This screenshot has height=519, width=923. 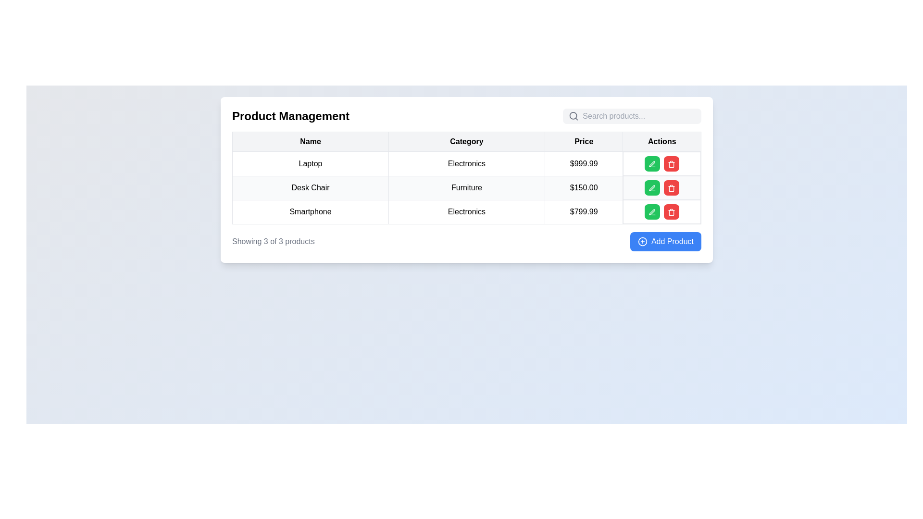 I want to click on the Table Header Row, so click(x=466, y=141).